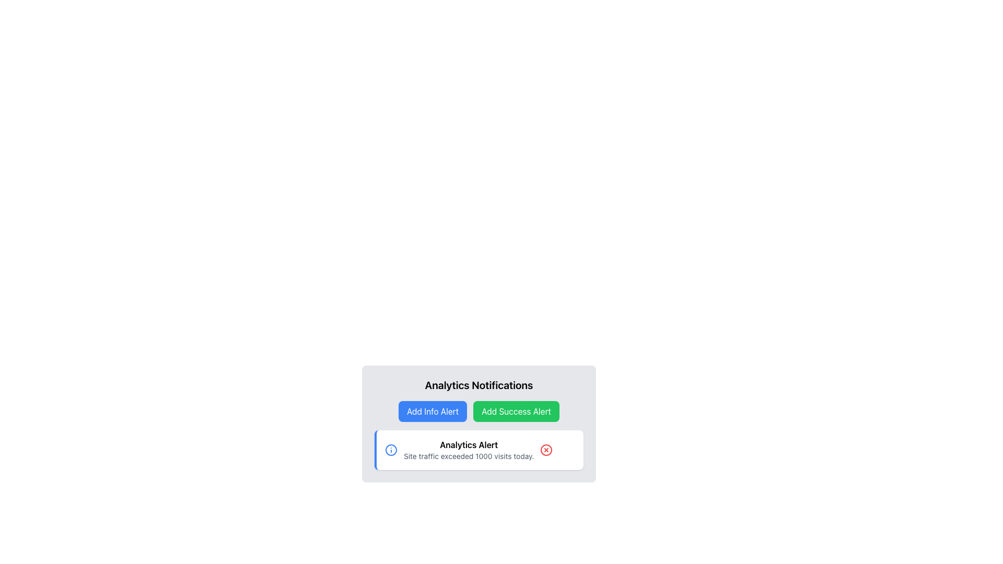 Image resolution: width=1003 pixels, height=564 pixels. I want to click on the icon in the 'Analytics Alert' notification card, positioned at the top-left corner before the heading text 'Analytics Alert', so click(390, 449).